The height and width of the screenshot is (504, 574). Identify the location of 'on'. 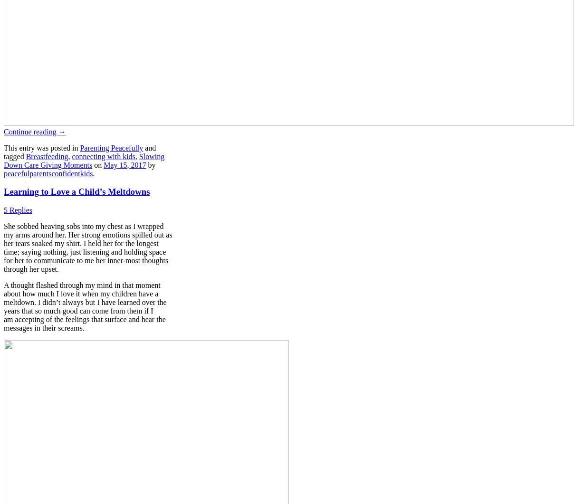
(92, 164).